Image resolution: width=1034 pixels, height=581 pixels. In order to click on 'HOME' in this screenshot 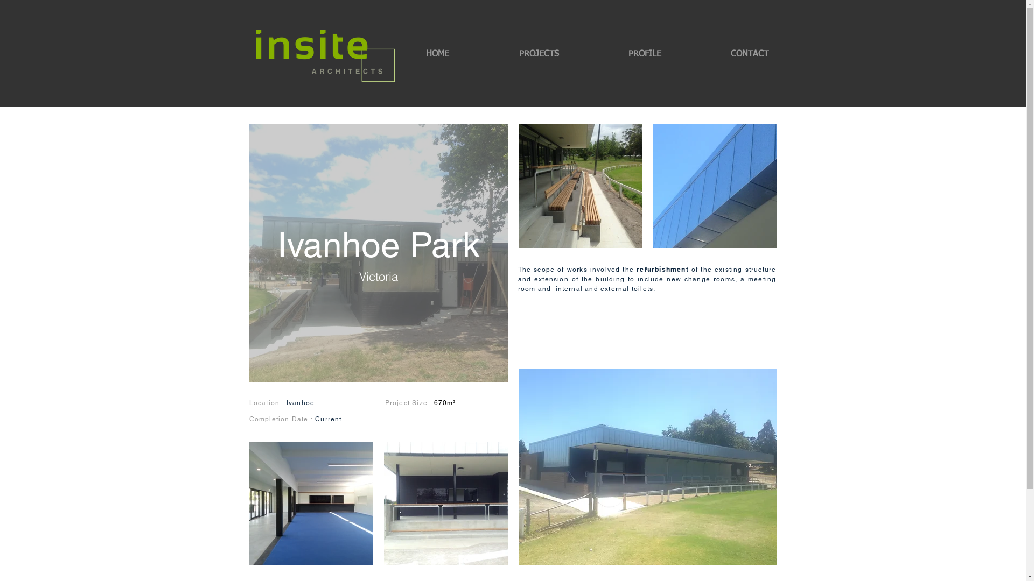, I will do `click(390, 54)`.